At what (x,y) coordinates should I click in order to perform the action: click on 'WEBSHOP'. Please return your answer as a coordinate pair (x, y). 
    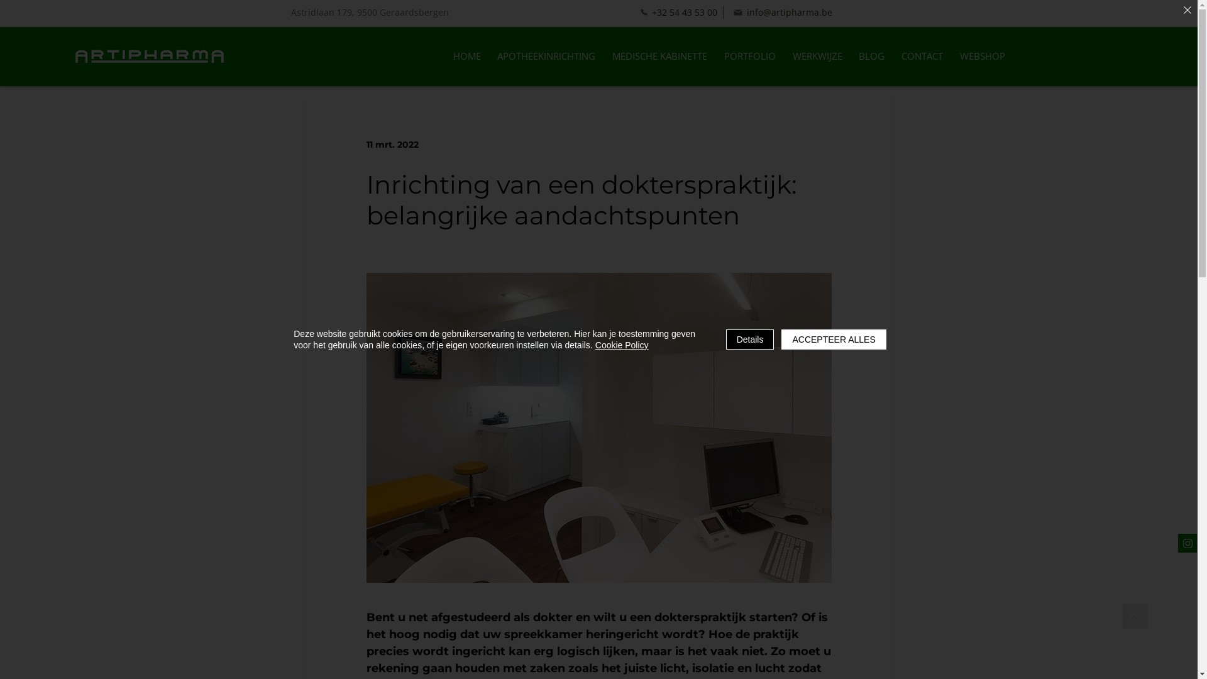
    Looking at the image, I should click on (981, 55).